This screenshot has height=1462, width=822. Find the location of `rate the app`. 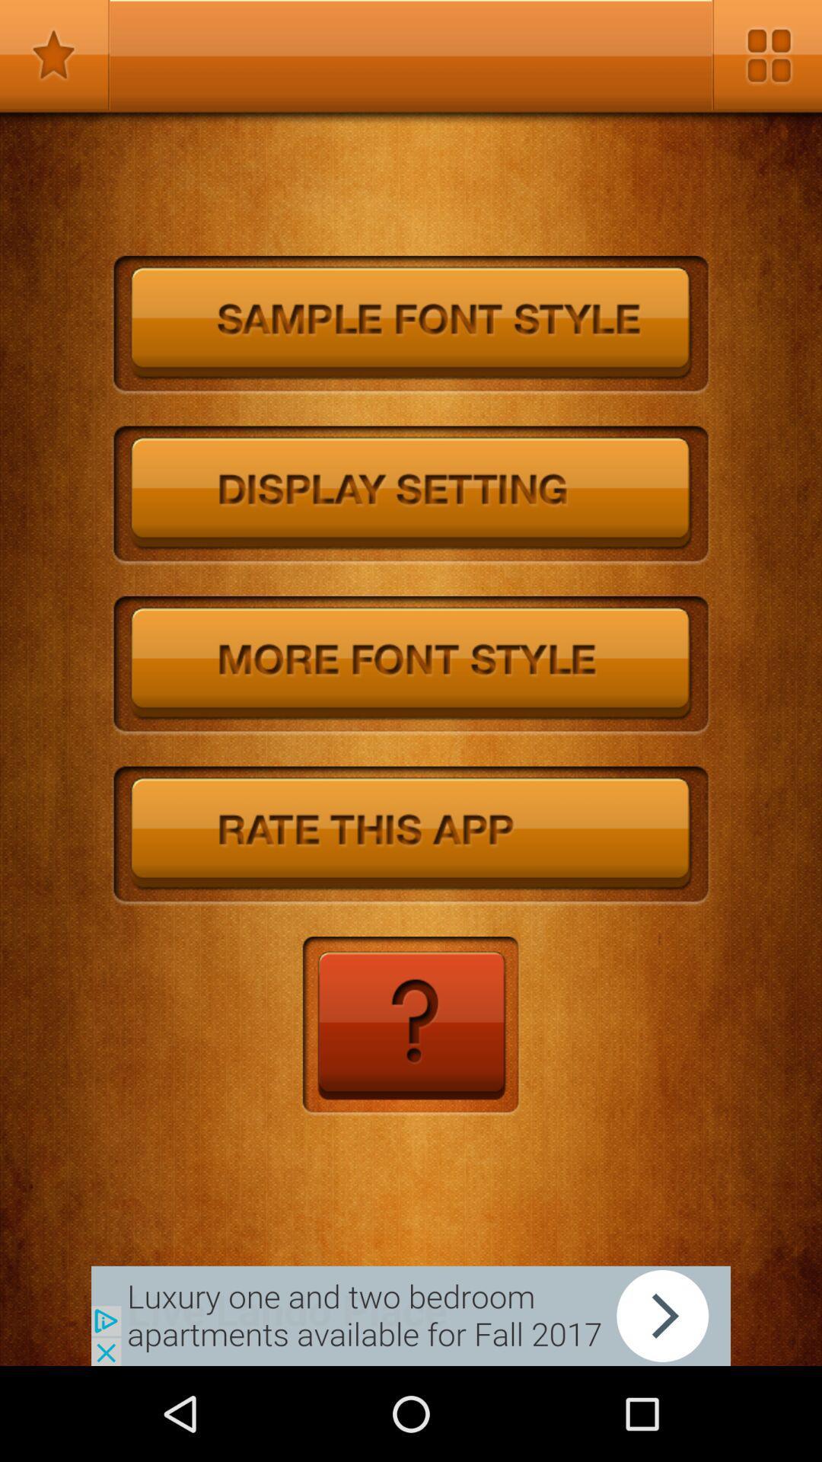

rate the app is located at coordinates (411, 835).